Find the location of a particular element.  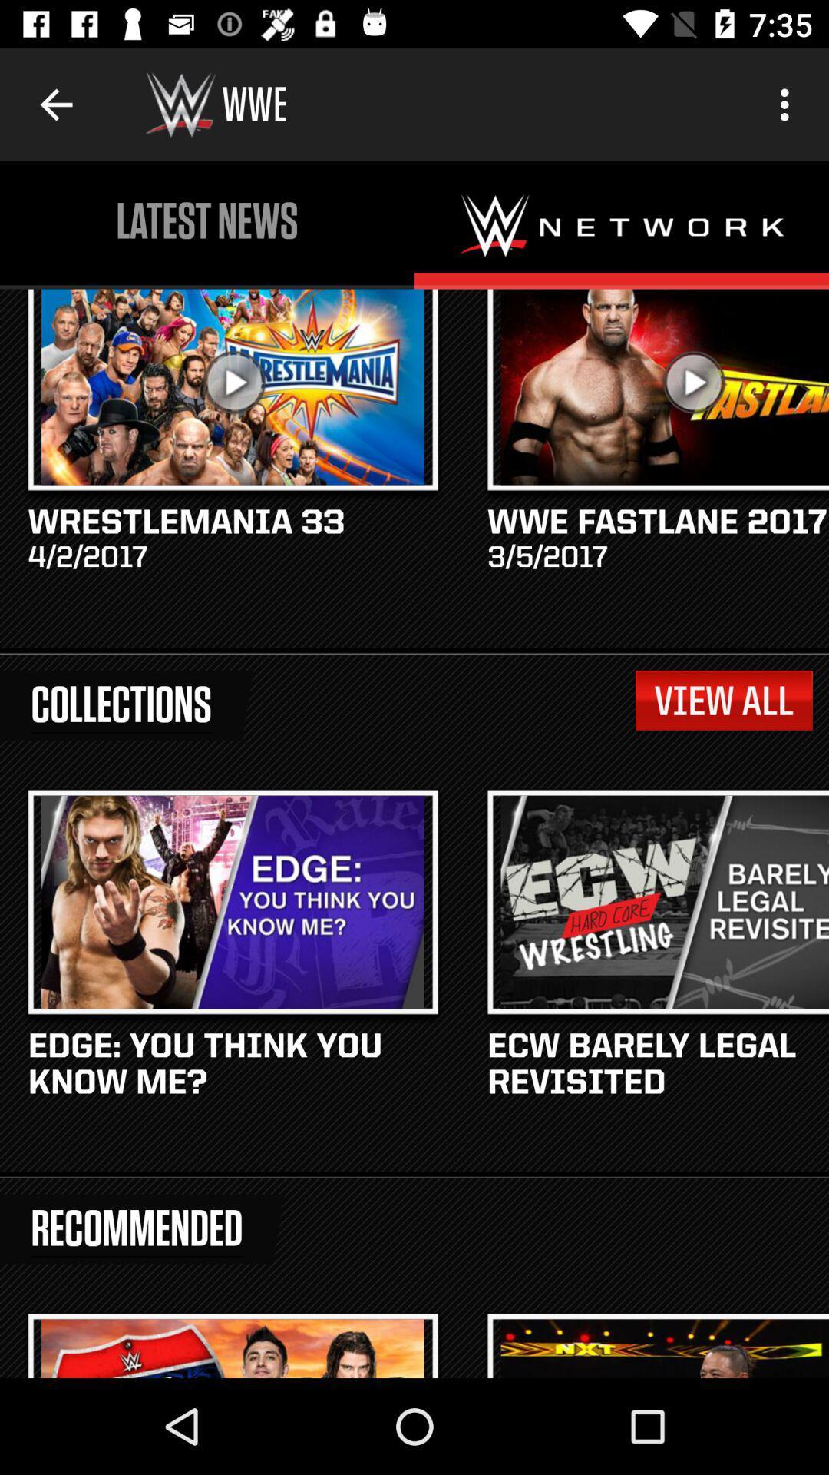

wwe network is located at coordinates (622, 224).